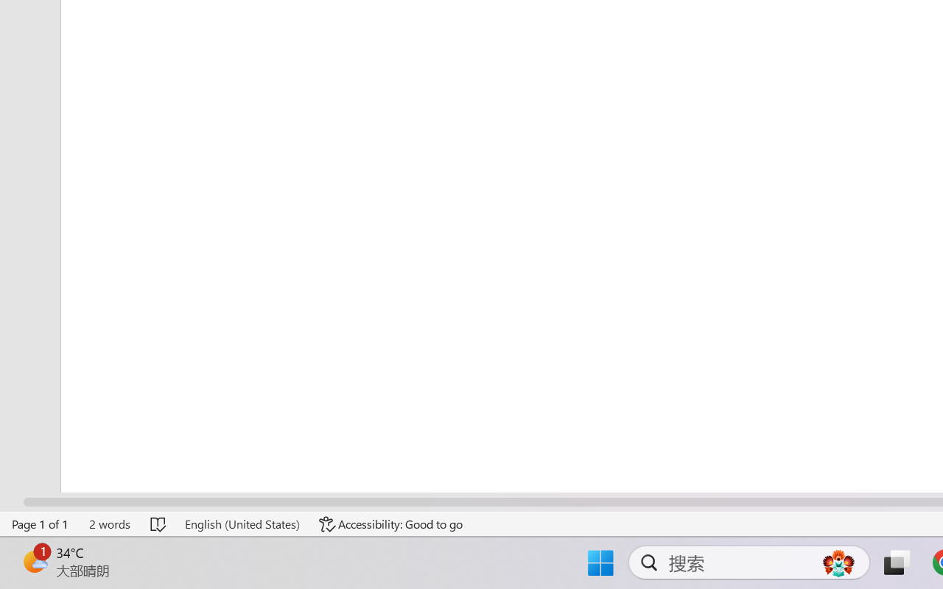 The width and height of the screenshot is (943, 589). What do you see at coordinates (41, 523) in the screenshot?
I see `'Page Number Page 1 of 1'` at bounding box center [41, 523].